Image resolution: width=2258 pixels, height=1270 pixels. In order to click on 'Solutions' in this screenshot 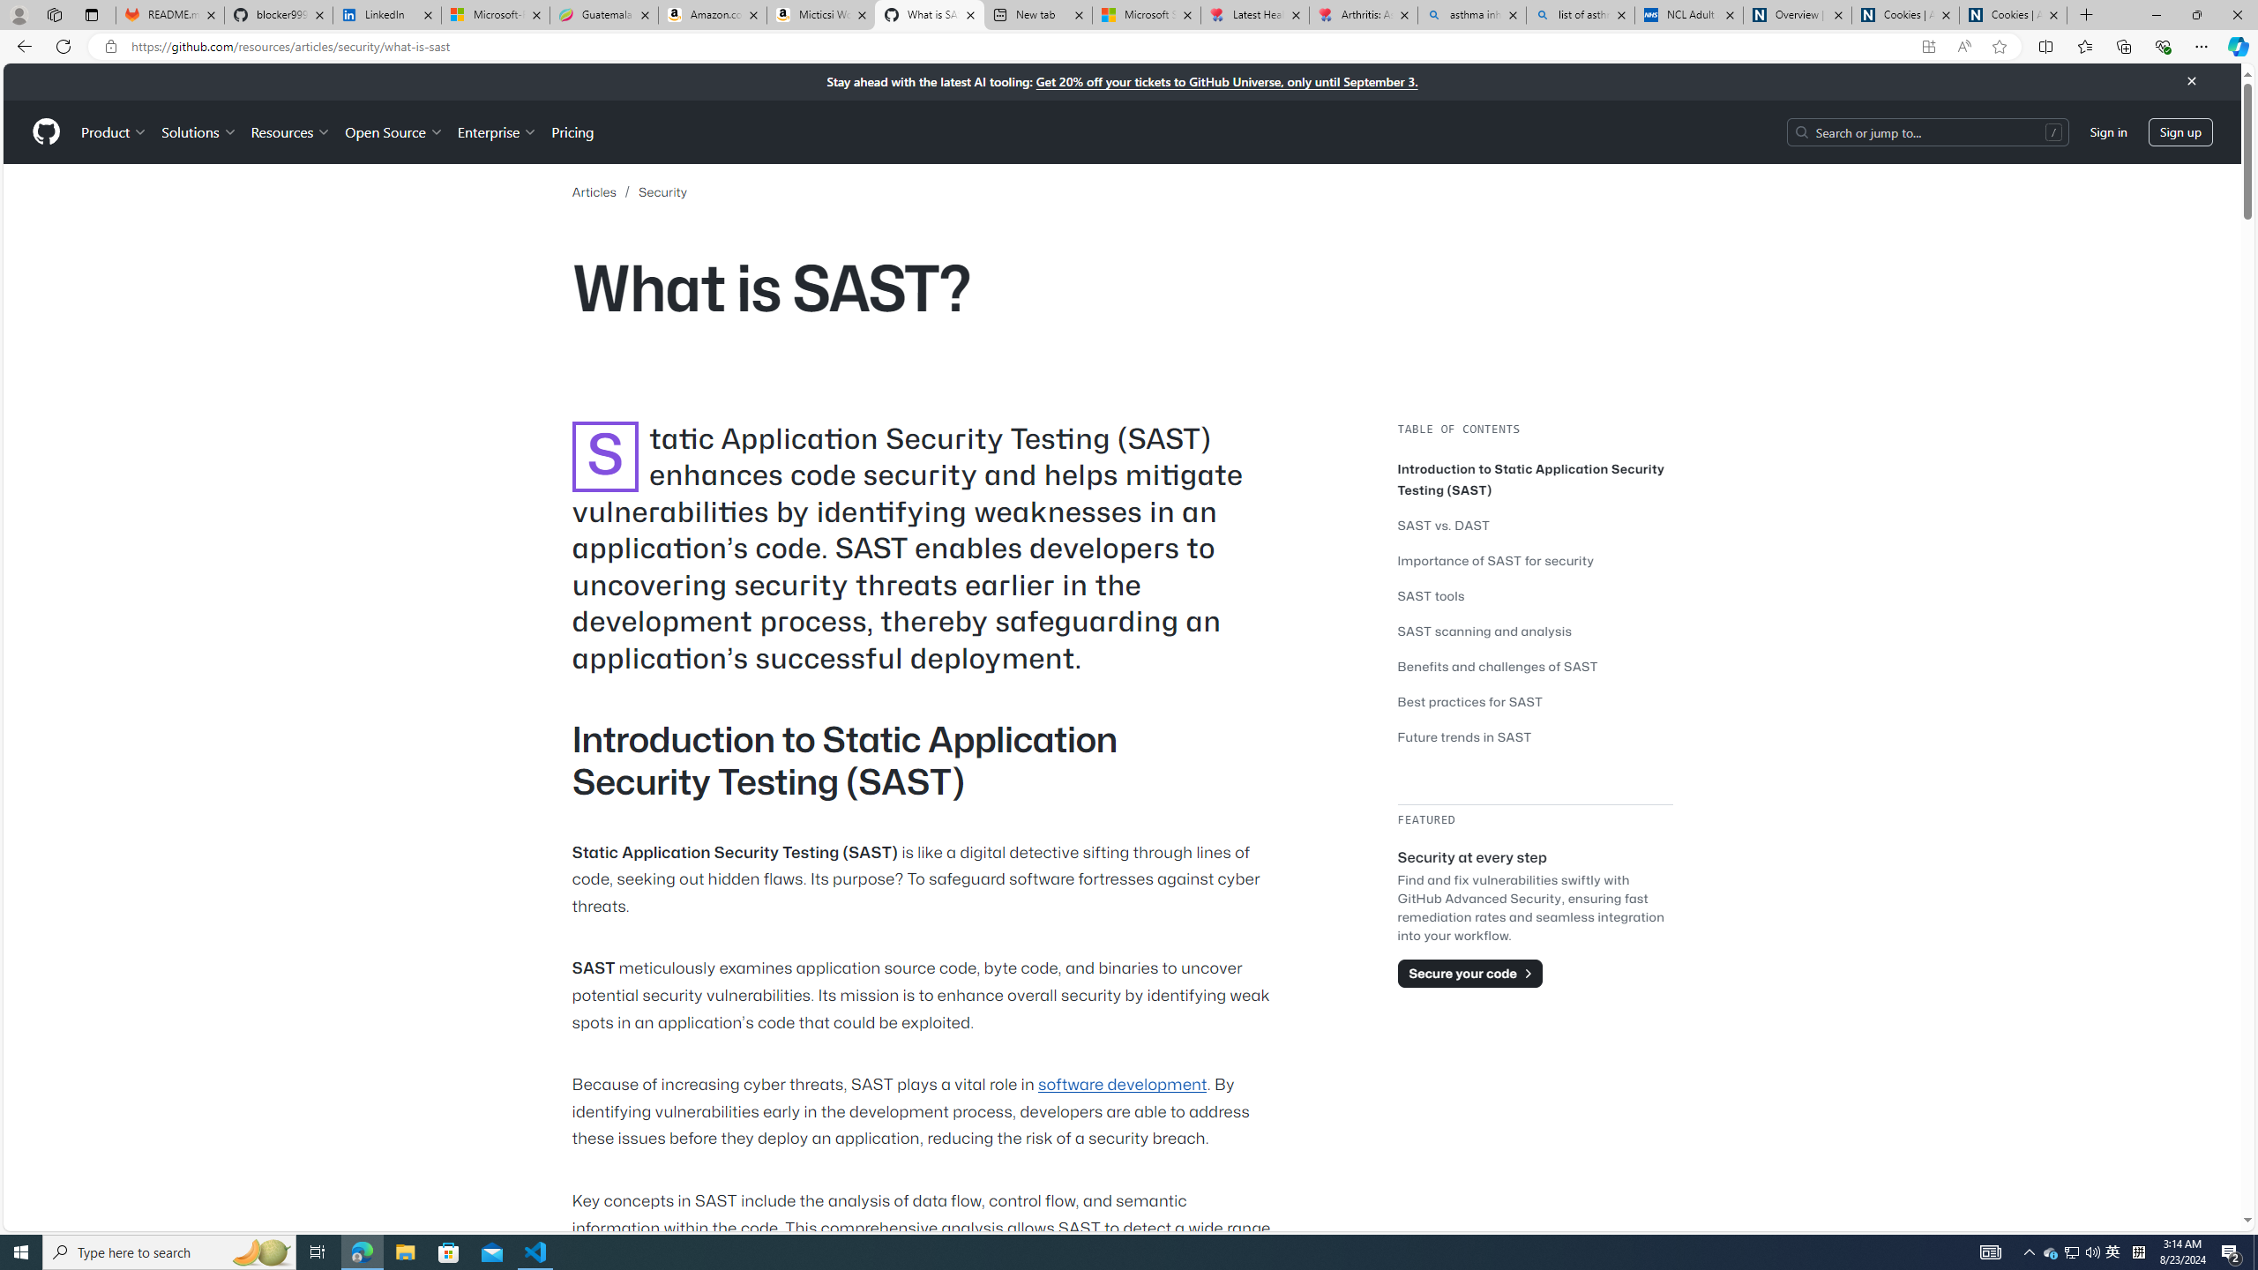, I will do `click(198, 131)`.